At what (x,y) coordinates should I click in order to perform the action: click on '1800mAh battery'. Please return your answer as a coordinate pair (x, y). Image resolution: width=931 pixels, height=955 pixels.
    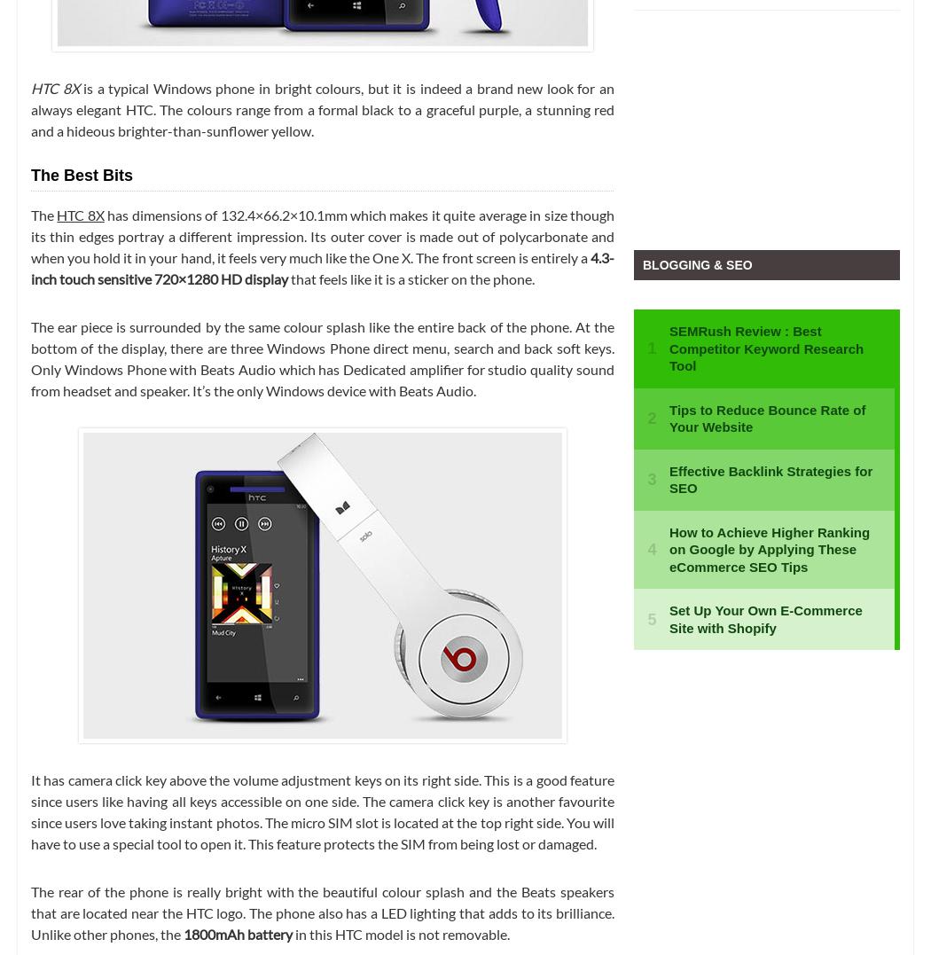
    Looking at the image, I should click on (237, 933).